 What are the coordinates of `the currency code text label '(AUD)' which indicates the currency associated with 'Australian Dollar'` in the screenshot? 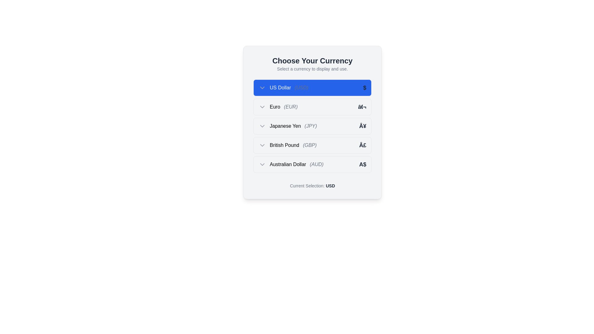 It's located at (316, 164).